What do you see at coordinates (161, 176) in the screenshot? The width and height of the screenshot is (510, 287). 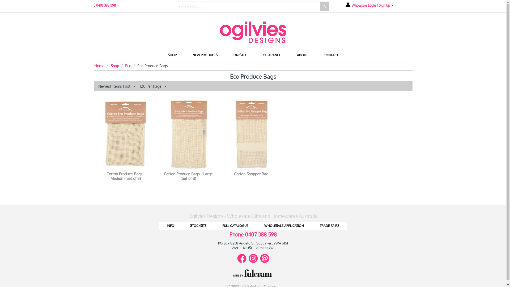 I see `'Cotton Produce Bags - Large (Set of 3)'` at bounding box center [161, 176].